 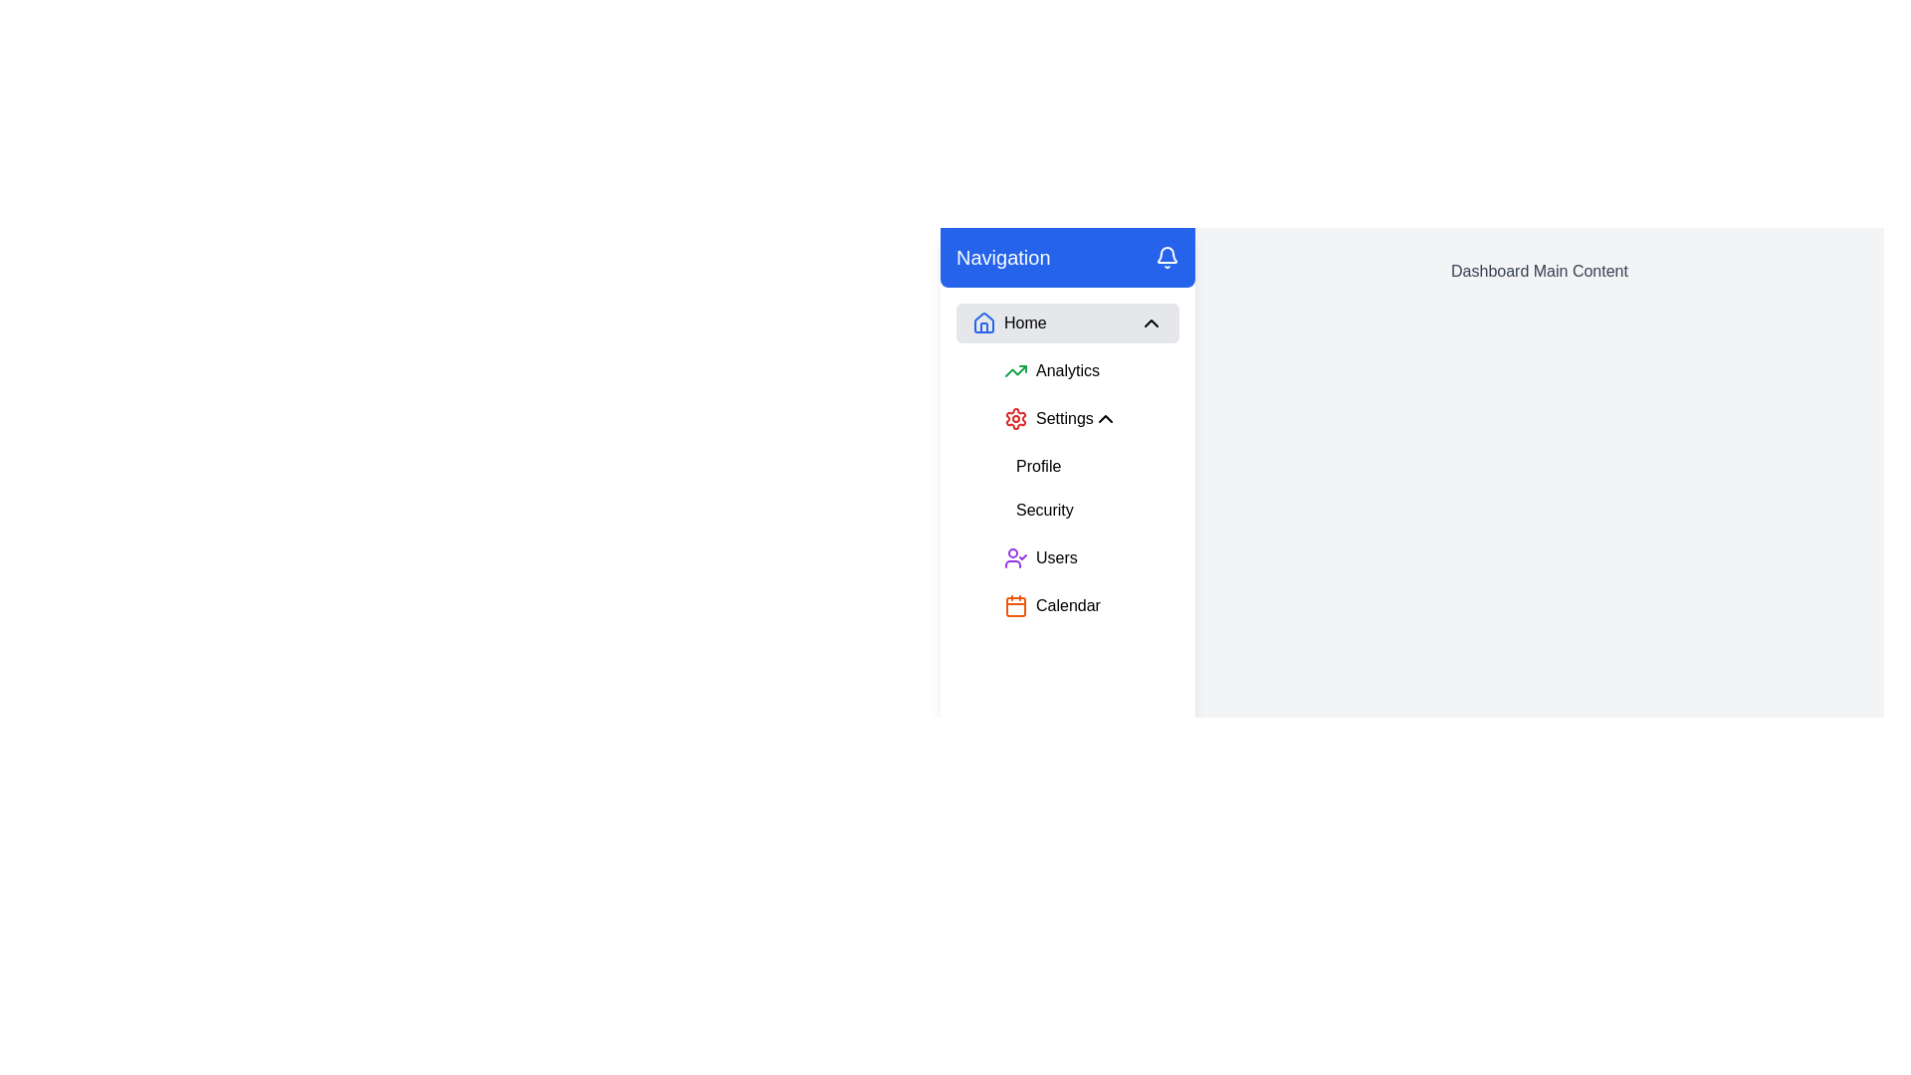 I want to click on the 'Profile' button in the sidebar menu, so click(x=1037, y=467).